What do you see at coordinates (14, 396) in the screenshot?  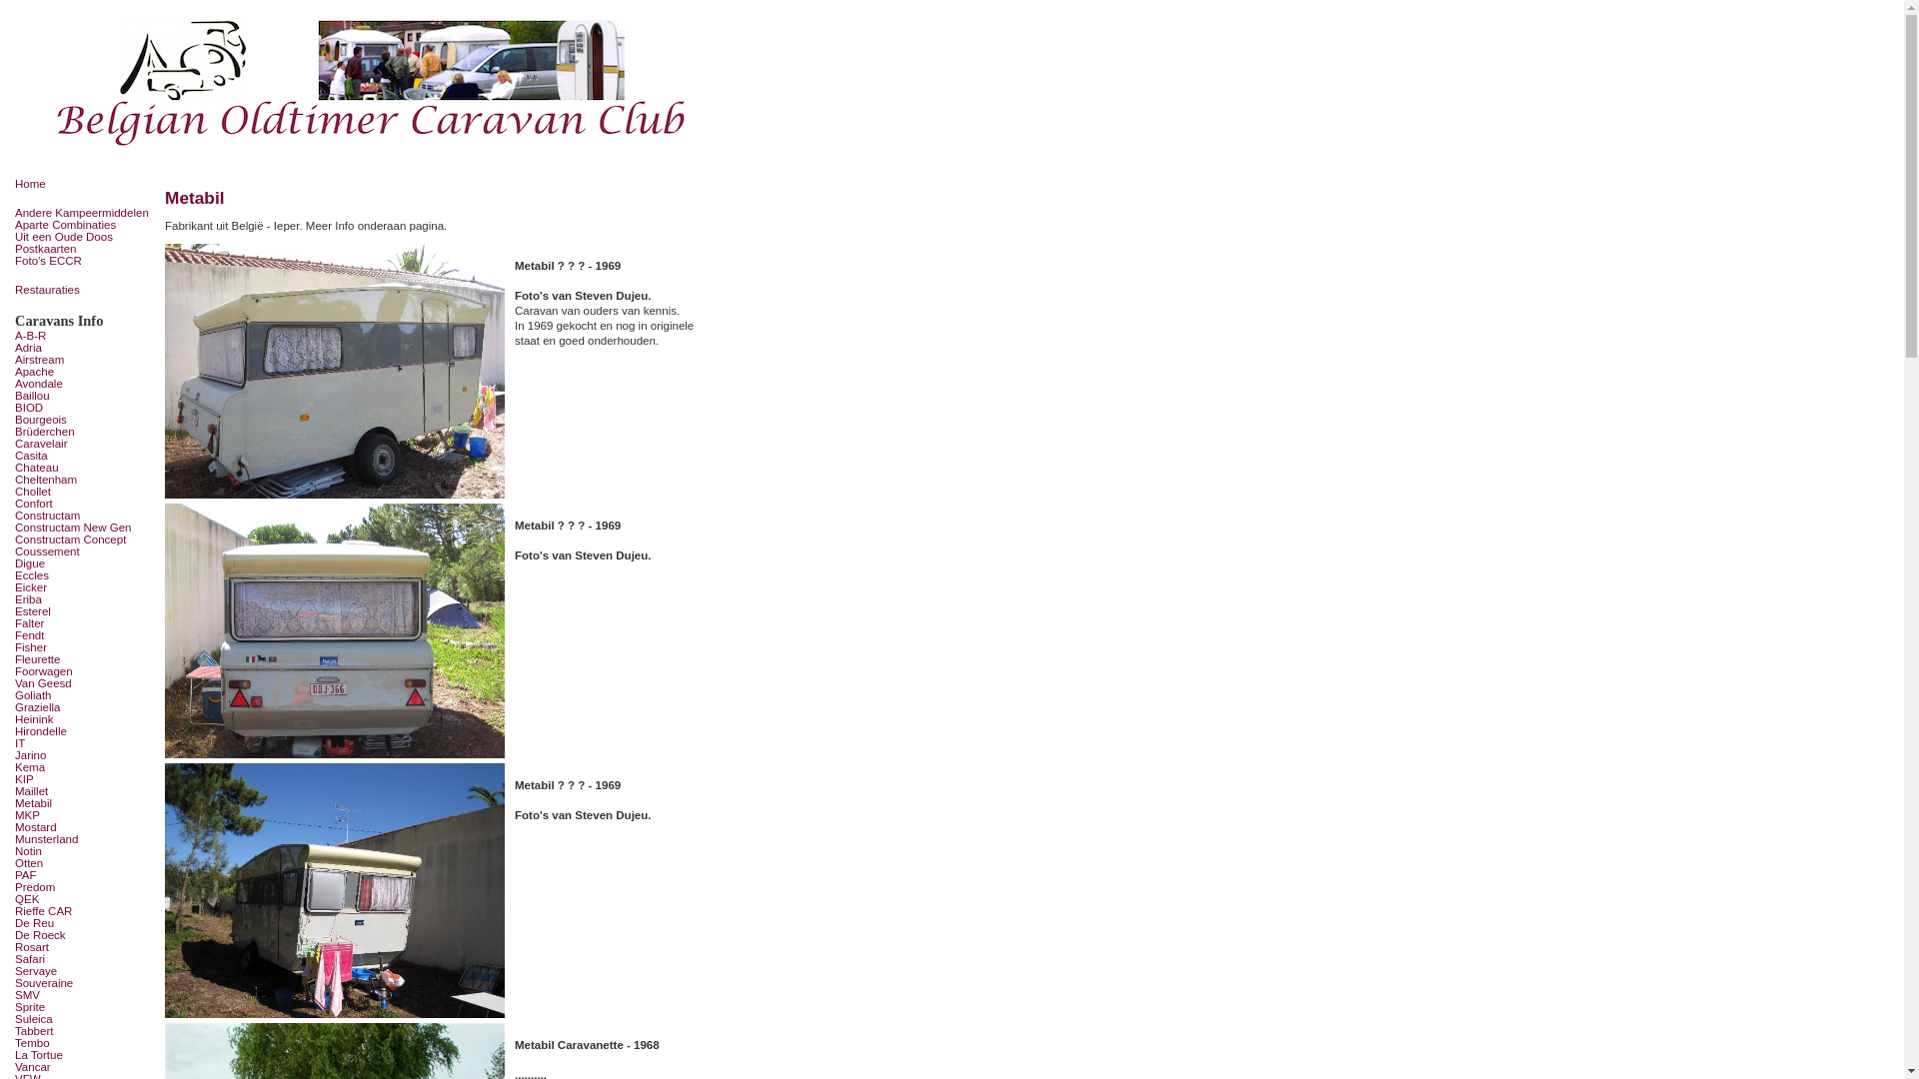 I see `'Baillou'` at bounding box center [14, 396].